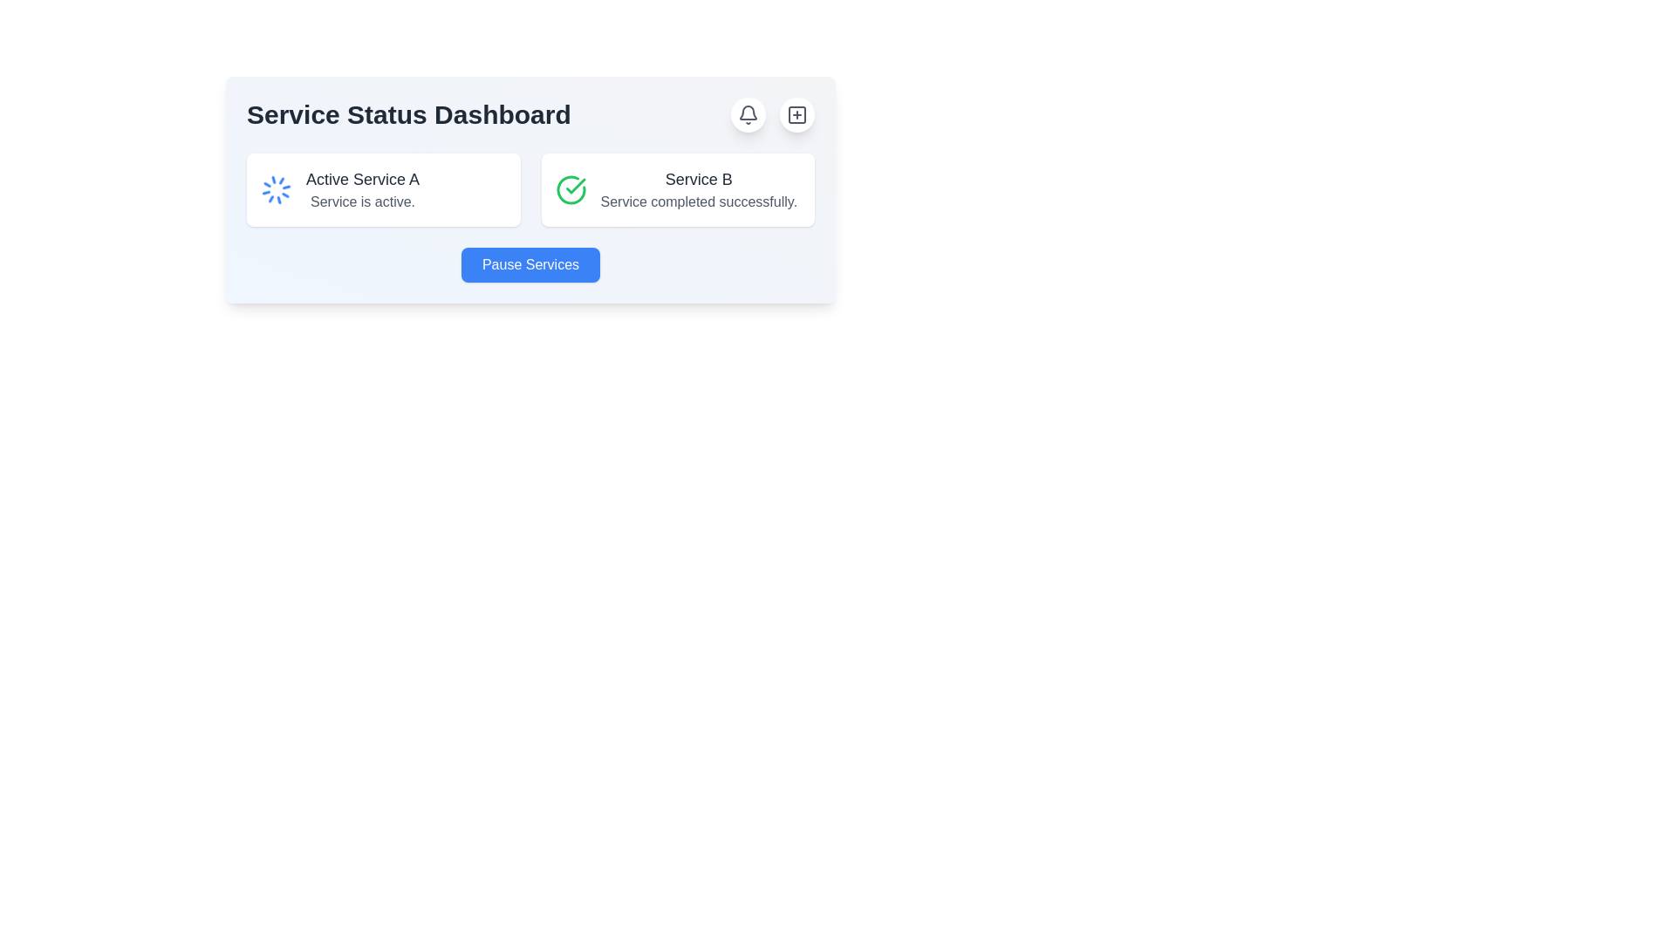 This screenshot has height=942, width=1675. Describe the element at coordinates (275, 190) in the screenshot. I see `the animation of the active/loading service icon located in the left card of the 'Service Status Dashboard.'` at that location.